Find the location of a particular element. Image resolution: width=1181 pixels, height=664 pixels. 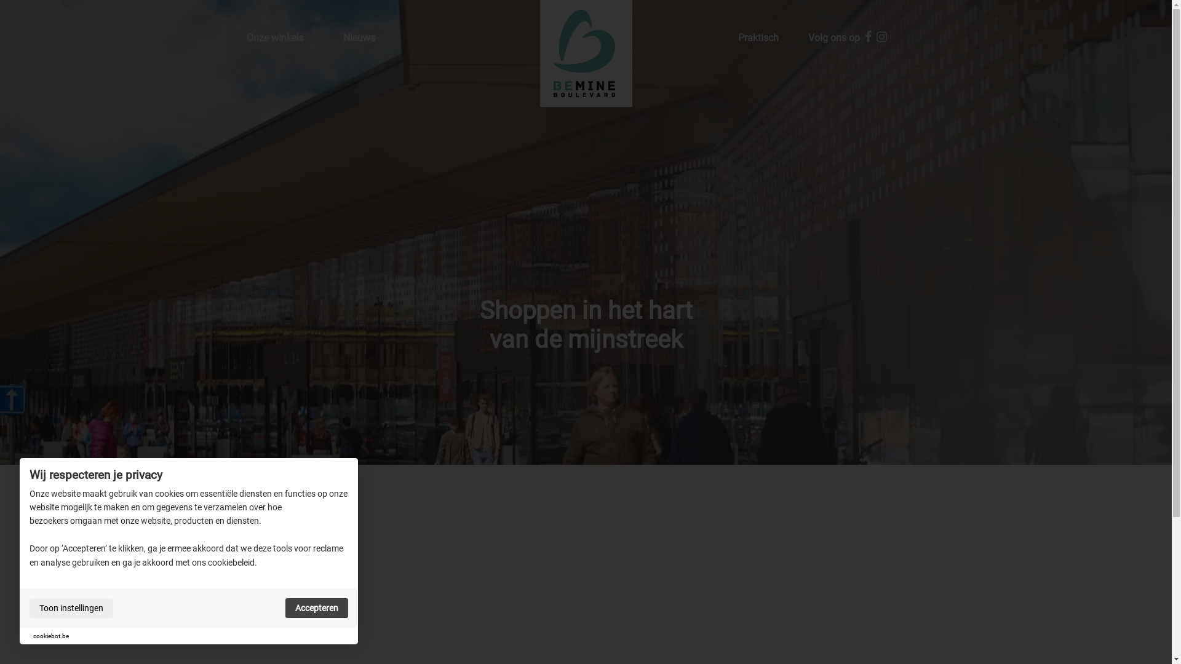

'Facebook' is located at coordinates (867, 37).